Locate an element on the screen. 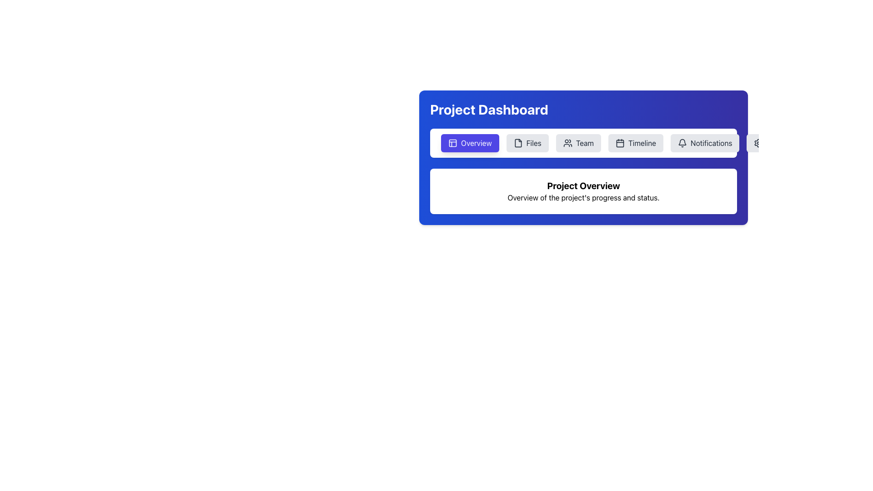 This screenshot has width=873, height=491. the 'Timeline' button located in the navigation bar of the 'Project Dashboard' is located at coordinates (642, 143).